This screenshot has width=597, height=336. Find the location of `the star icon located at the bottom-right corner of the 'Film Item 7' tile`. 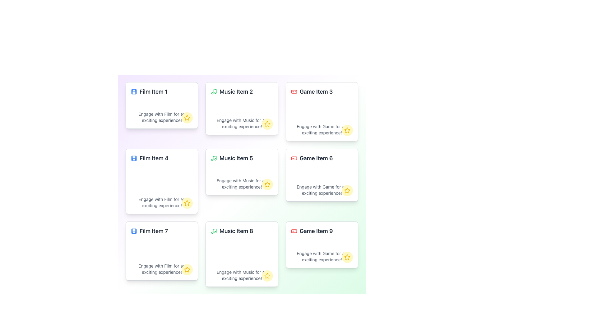

the star icon located at the bottom-right corner of the 'Film Item 7' tile is located at coordinates (187, 269).